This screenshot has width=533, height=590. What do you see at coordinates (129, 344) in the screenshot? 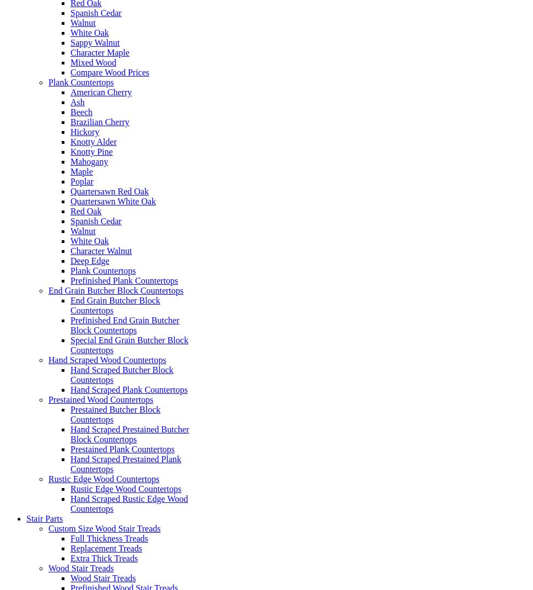
I see `'Special End Grain Butcher Block Countertops'` at bounding box center [129, 344].